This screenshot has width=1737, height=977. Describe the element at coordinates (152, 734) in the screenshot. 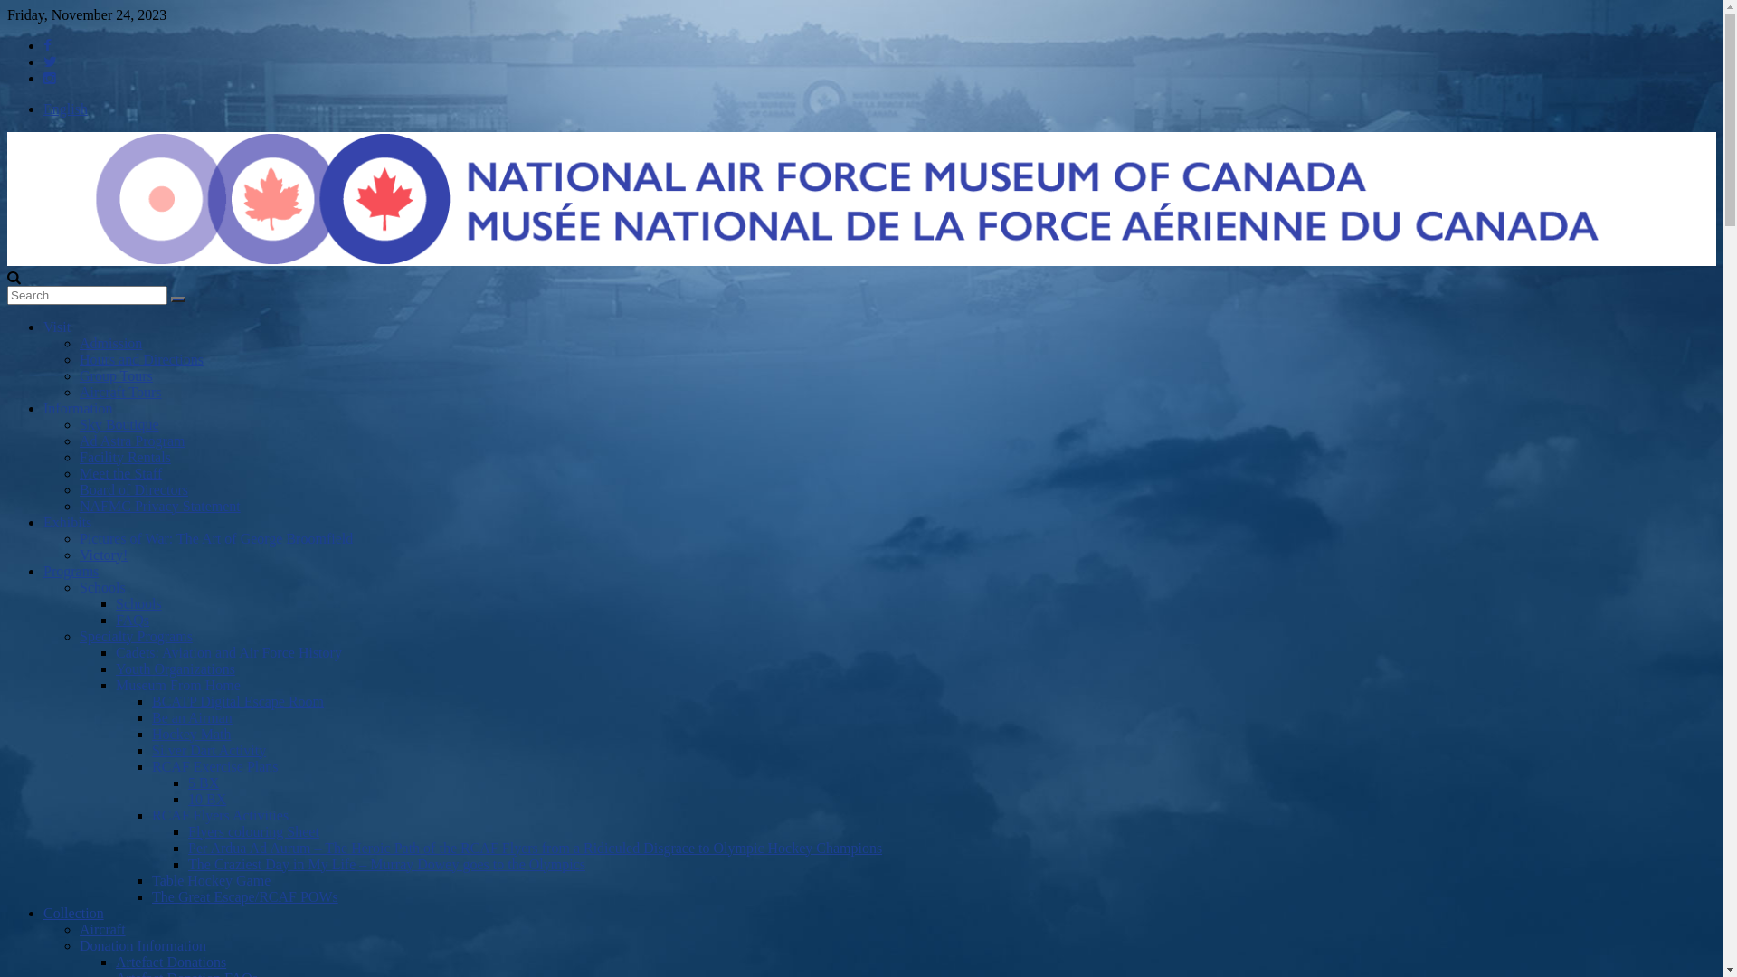

I see `'Hockey Math'` at that location.